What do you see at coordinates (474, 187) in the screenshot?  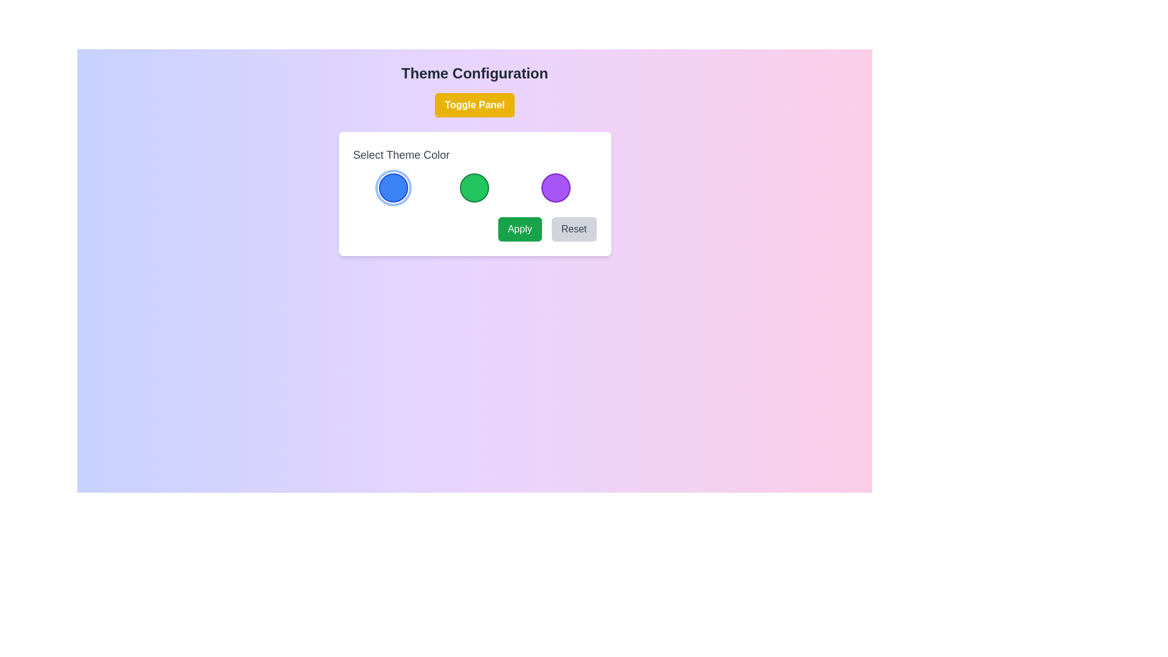 I see `the selectable button for the green color theme, which is the middle circular element in a row of three` at bounding box center [474, 187].